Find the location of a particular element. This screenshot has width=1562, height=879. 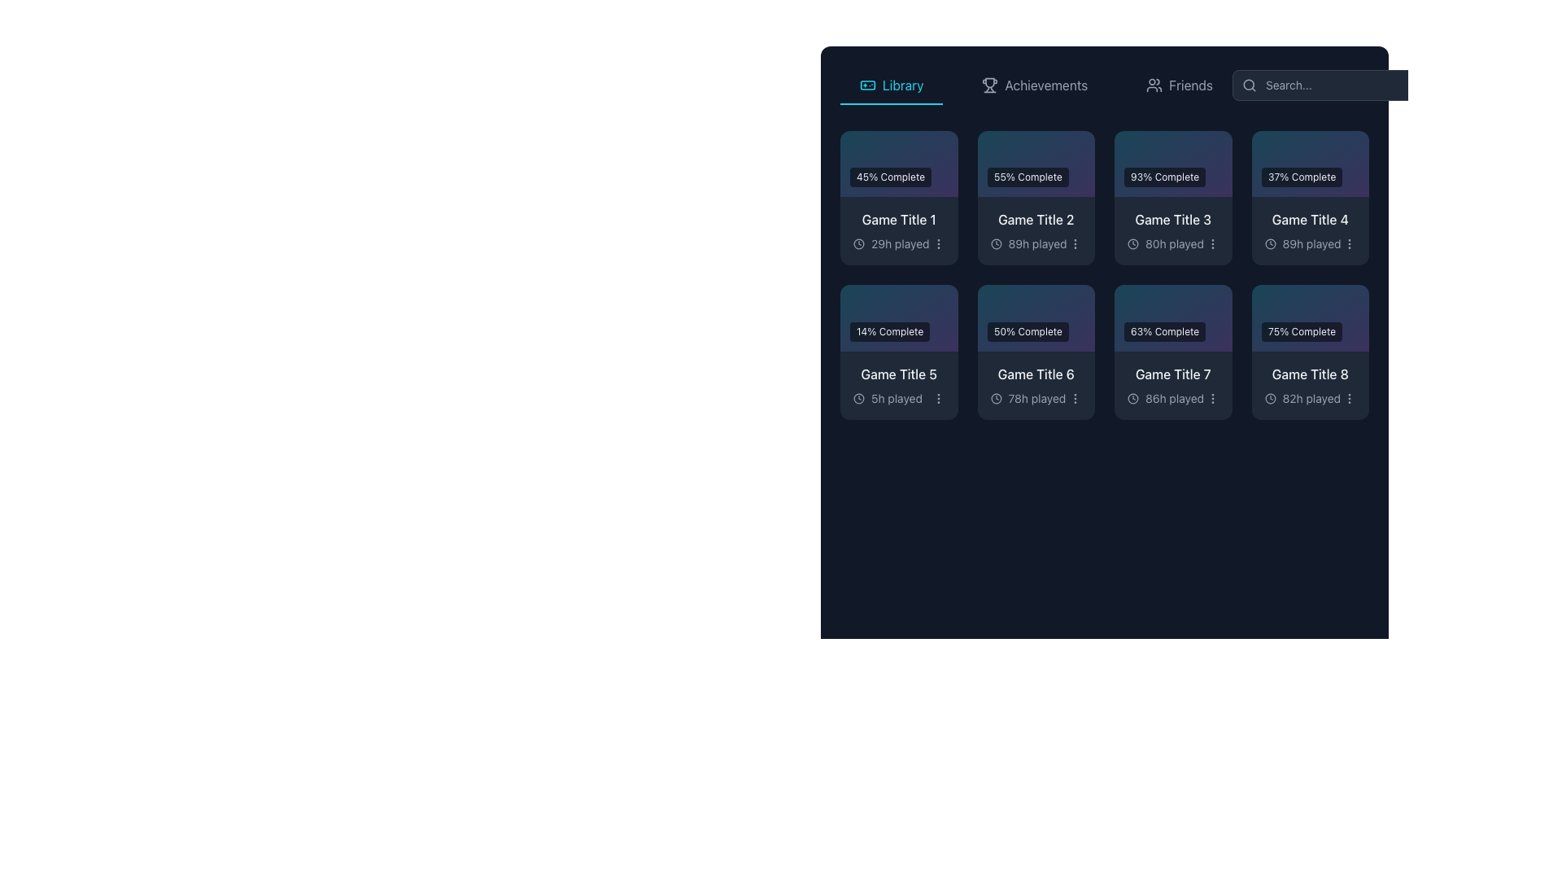

the text label displaying '86h played' with a clock icon, located at the bottom section of the card titled 'Game Title 7' is located at coordinates (1165, 398).